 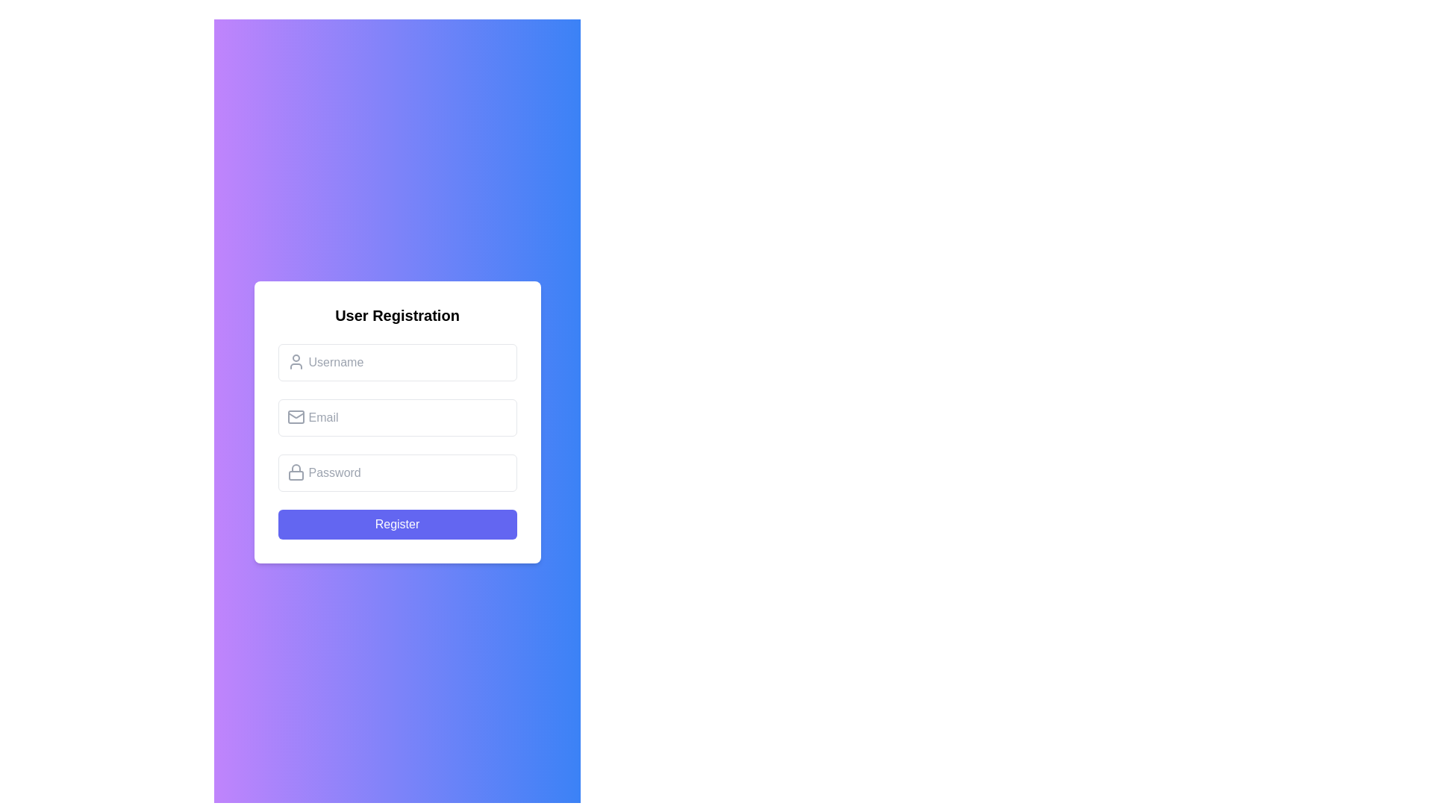 I want to click on the Decorative icon associated with the 'Username' input field, which serves as a visual cue for user-related data entry, so click(x=296, y=362).